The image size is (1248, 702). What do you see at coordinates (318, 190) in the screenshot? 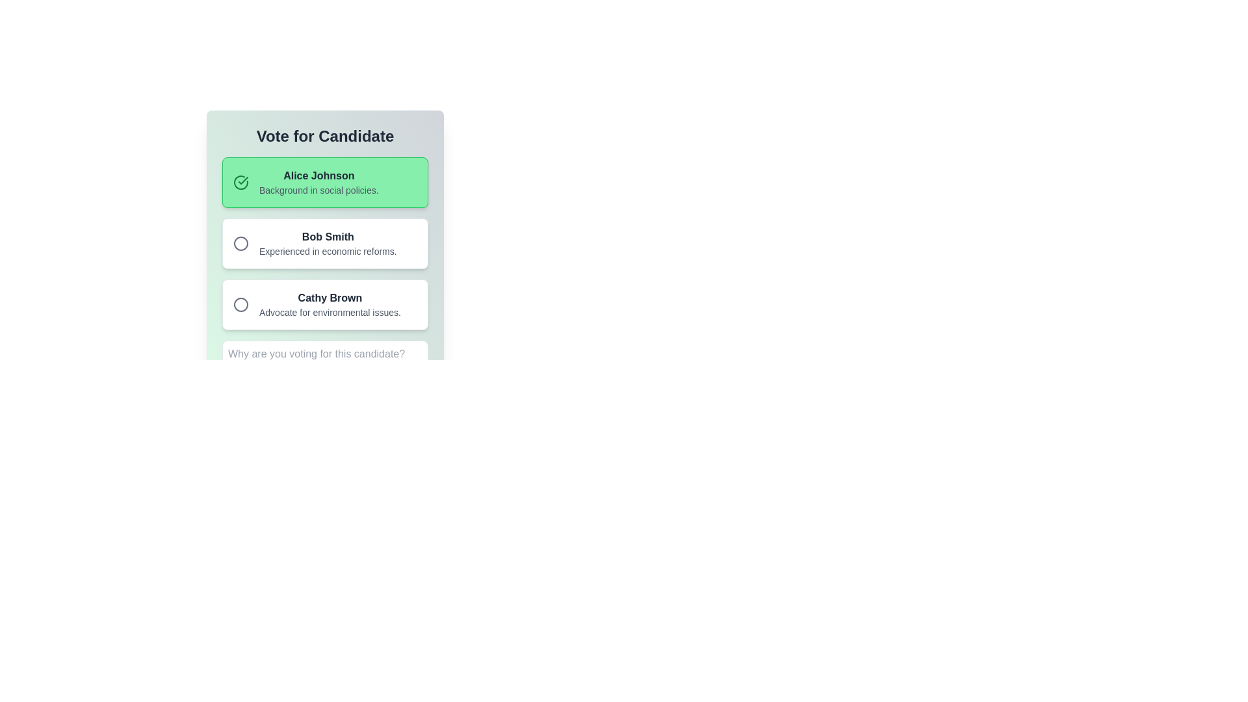
I see `the text label displaying 'Background in social policies.' which is located directly below 'Alice Johnson' in the highlighted selection box` at bounding box center [318, 190].